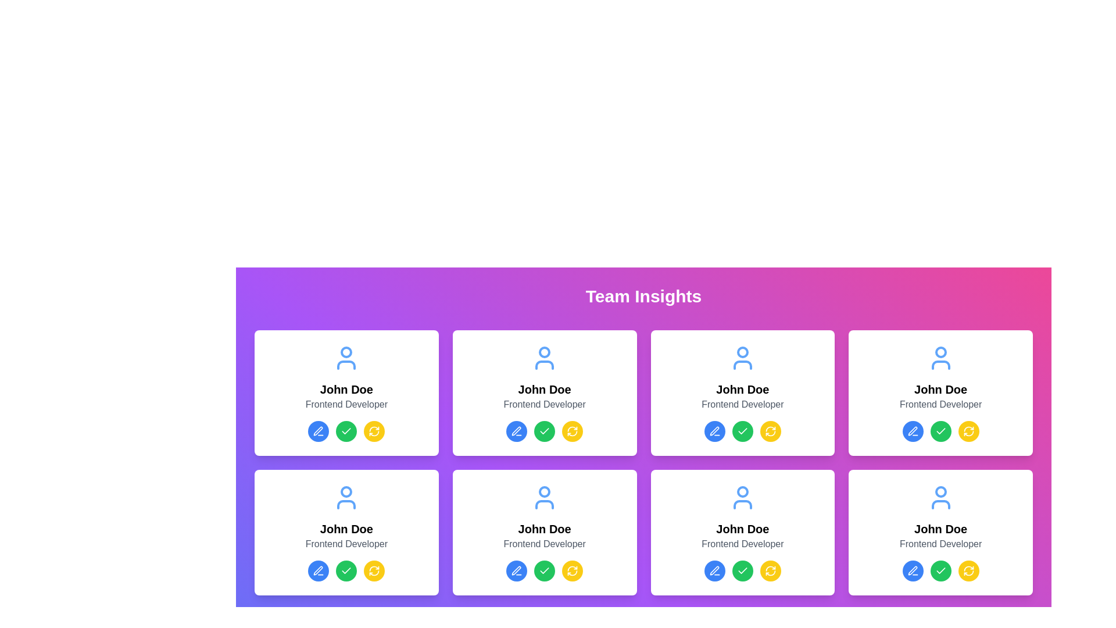 The height and width of the screenshot is (628, 1116). Describe the element at coordinates (714, 431) in the screenshot. I see `the first circular button located below the profile card in the second column of the first row in the grid layout` at that location.